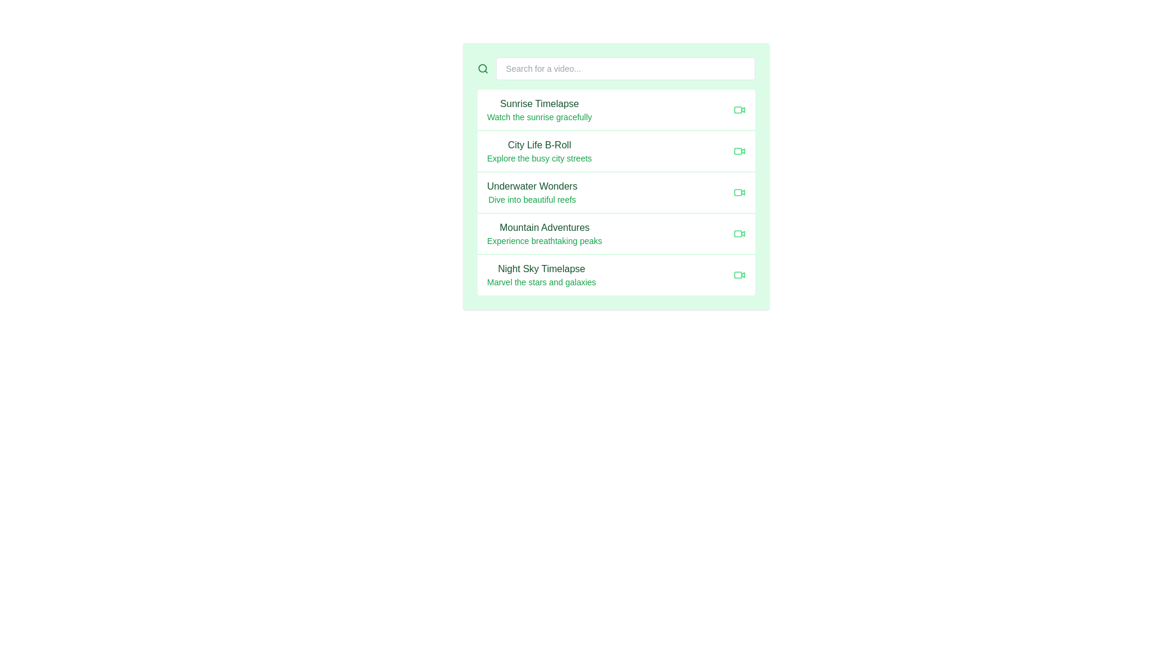  I want to click on the decorative circular graphical element that is part of a search icon, located at the left end of a white rectangular input field, so click(482, 68).